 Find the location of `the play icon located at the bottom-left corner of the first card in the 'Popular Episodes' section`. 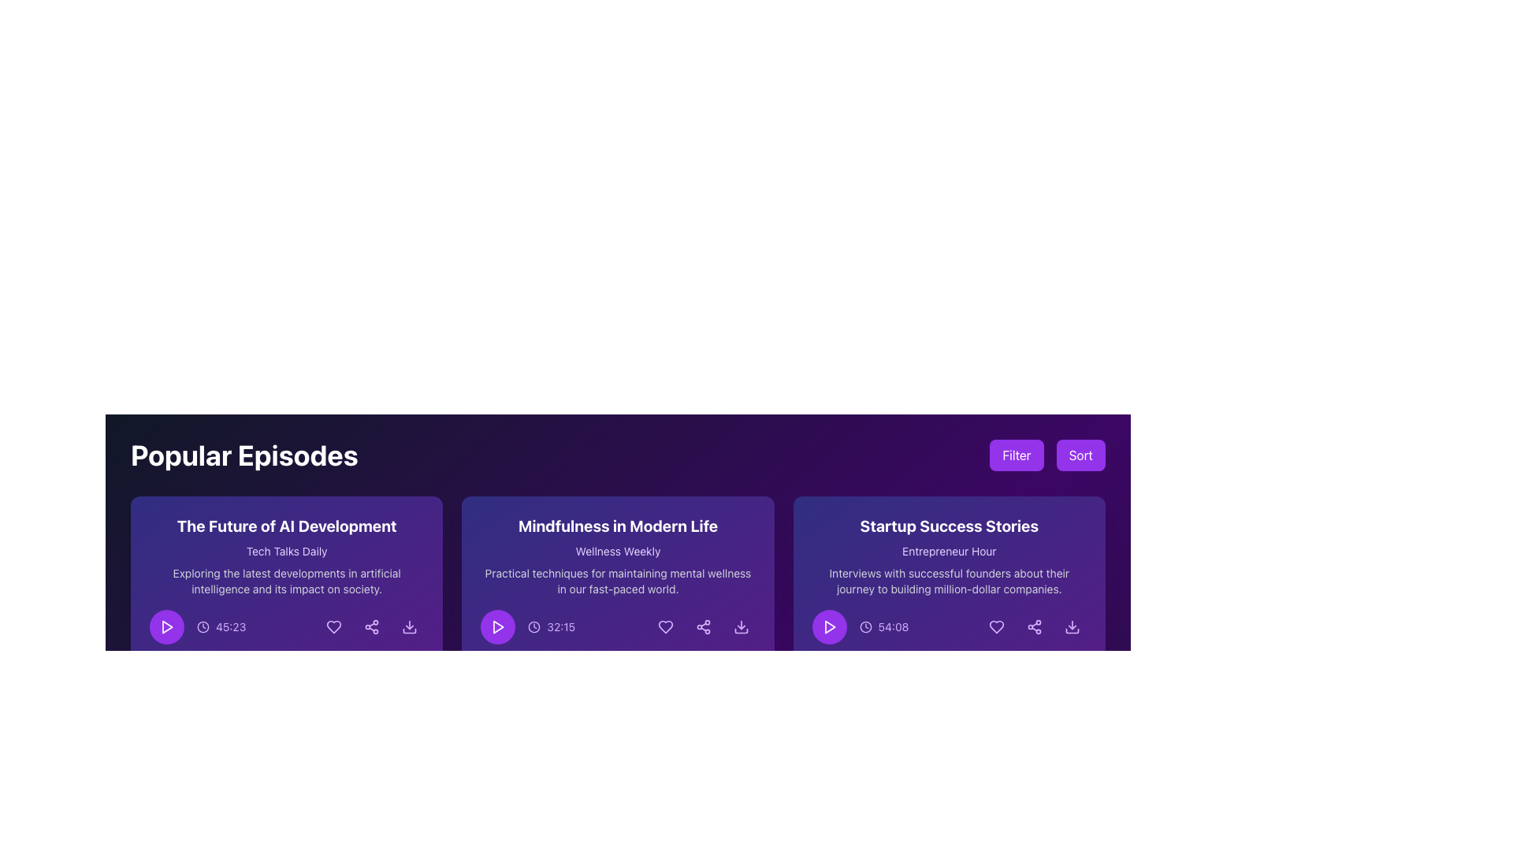

the play icon located at the bottom-left corner of the first card in the 'Popular Episodes' section is located at coordinates (167, 626).